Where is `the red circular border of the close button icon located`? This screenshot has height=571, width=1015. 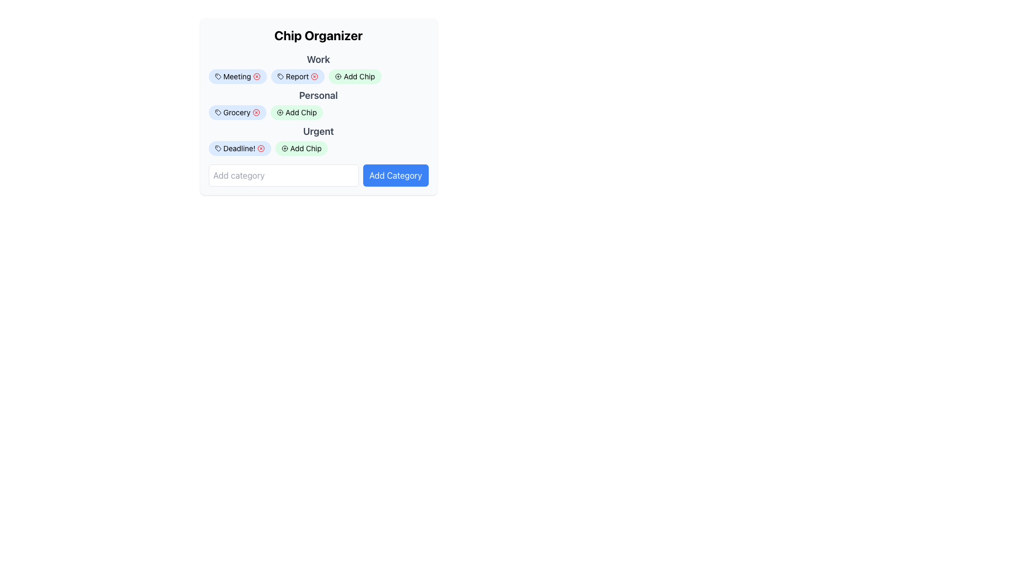 the red circular border of the close button icon located is located at coordinates (261, 149).